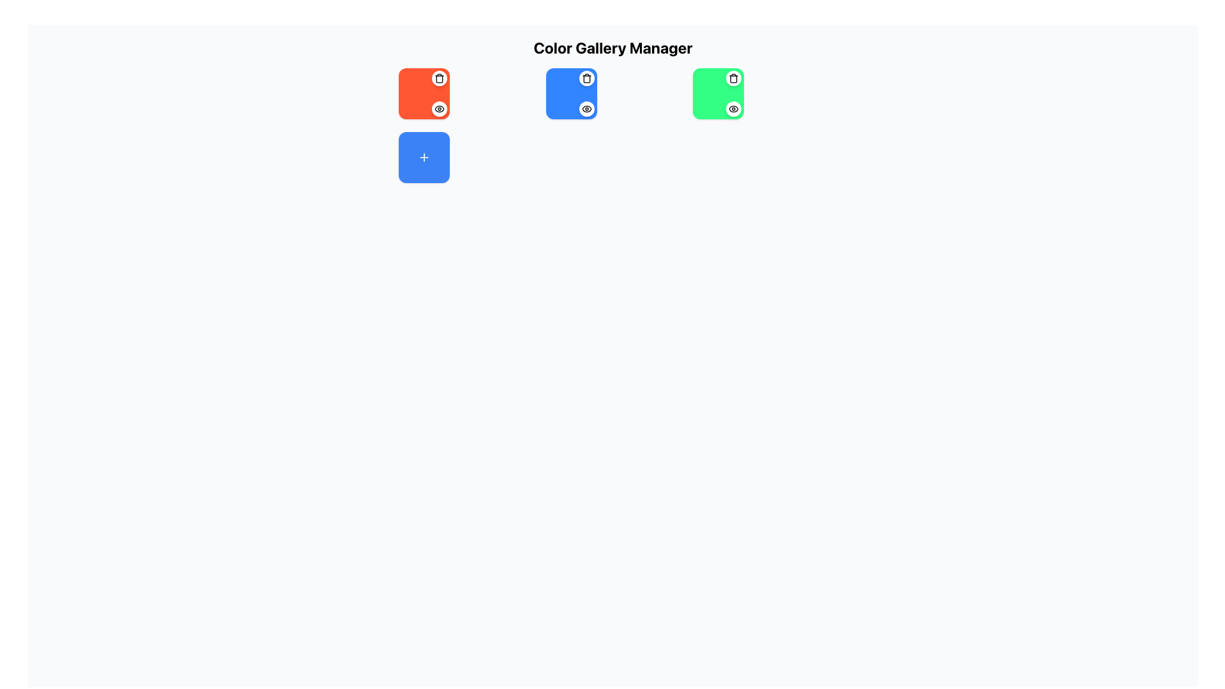 The height and width of the screenshot is (689, 1225). I want to click on the trash icon, which is represented by the main body of a trash icon in the top-right corner of a green square, so click(734, 79).